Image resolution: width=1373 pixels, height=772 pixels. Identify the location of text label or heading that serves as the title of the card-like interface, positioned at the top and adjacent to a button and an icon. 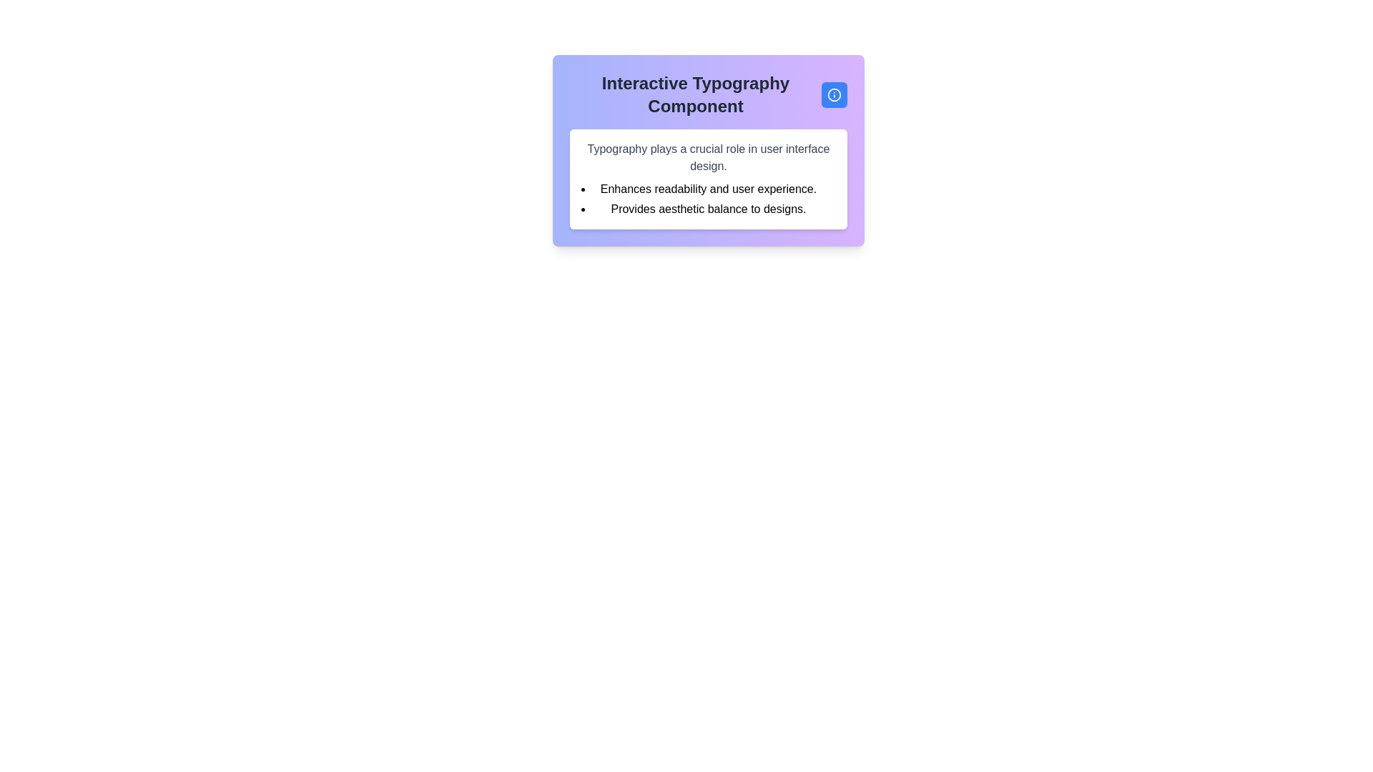
(696, 94).